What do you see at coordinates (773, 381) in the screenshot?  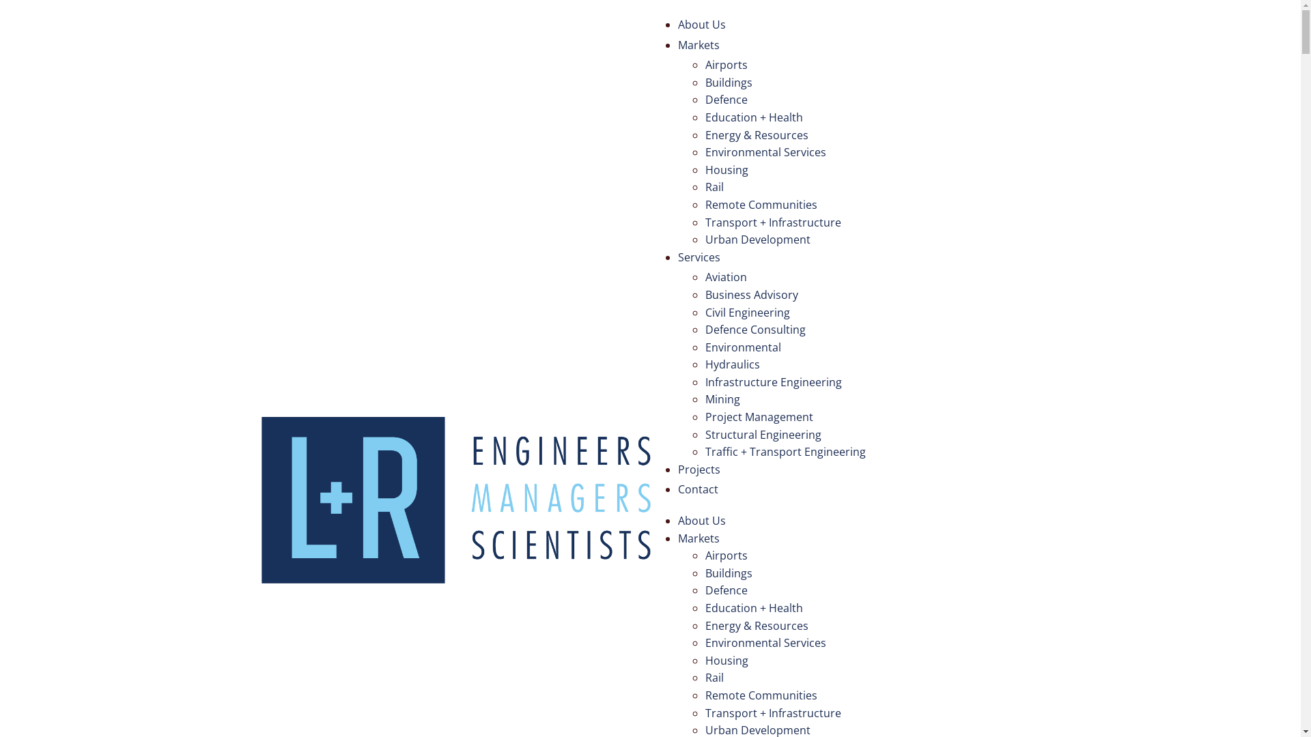 I see `'Infrastructure Engineering'` at bounding box center [773, 381].